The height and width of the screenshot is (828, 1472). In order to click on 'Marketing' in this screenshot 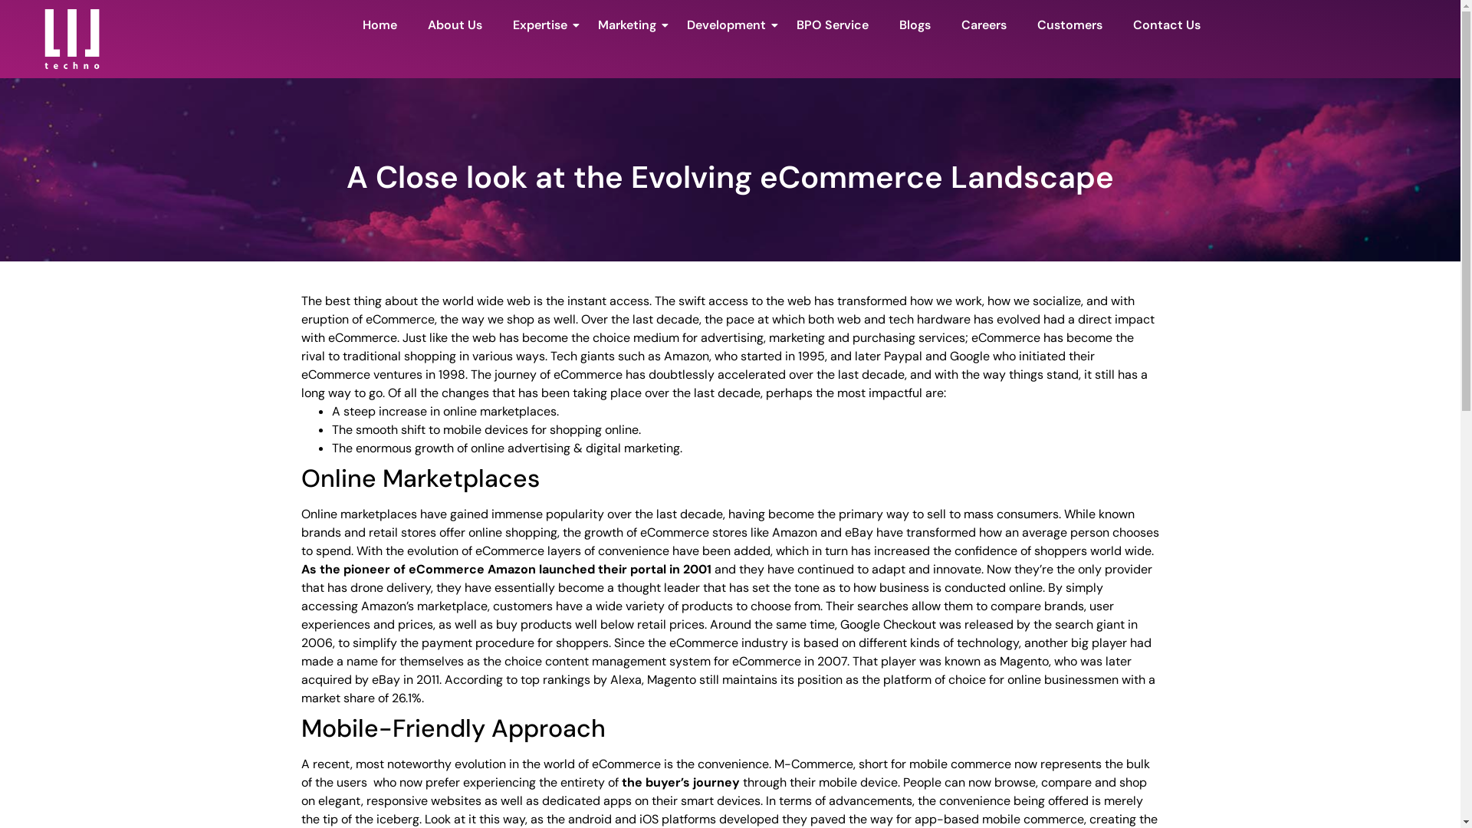, I will do `click(626, 26)`.